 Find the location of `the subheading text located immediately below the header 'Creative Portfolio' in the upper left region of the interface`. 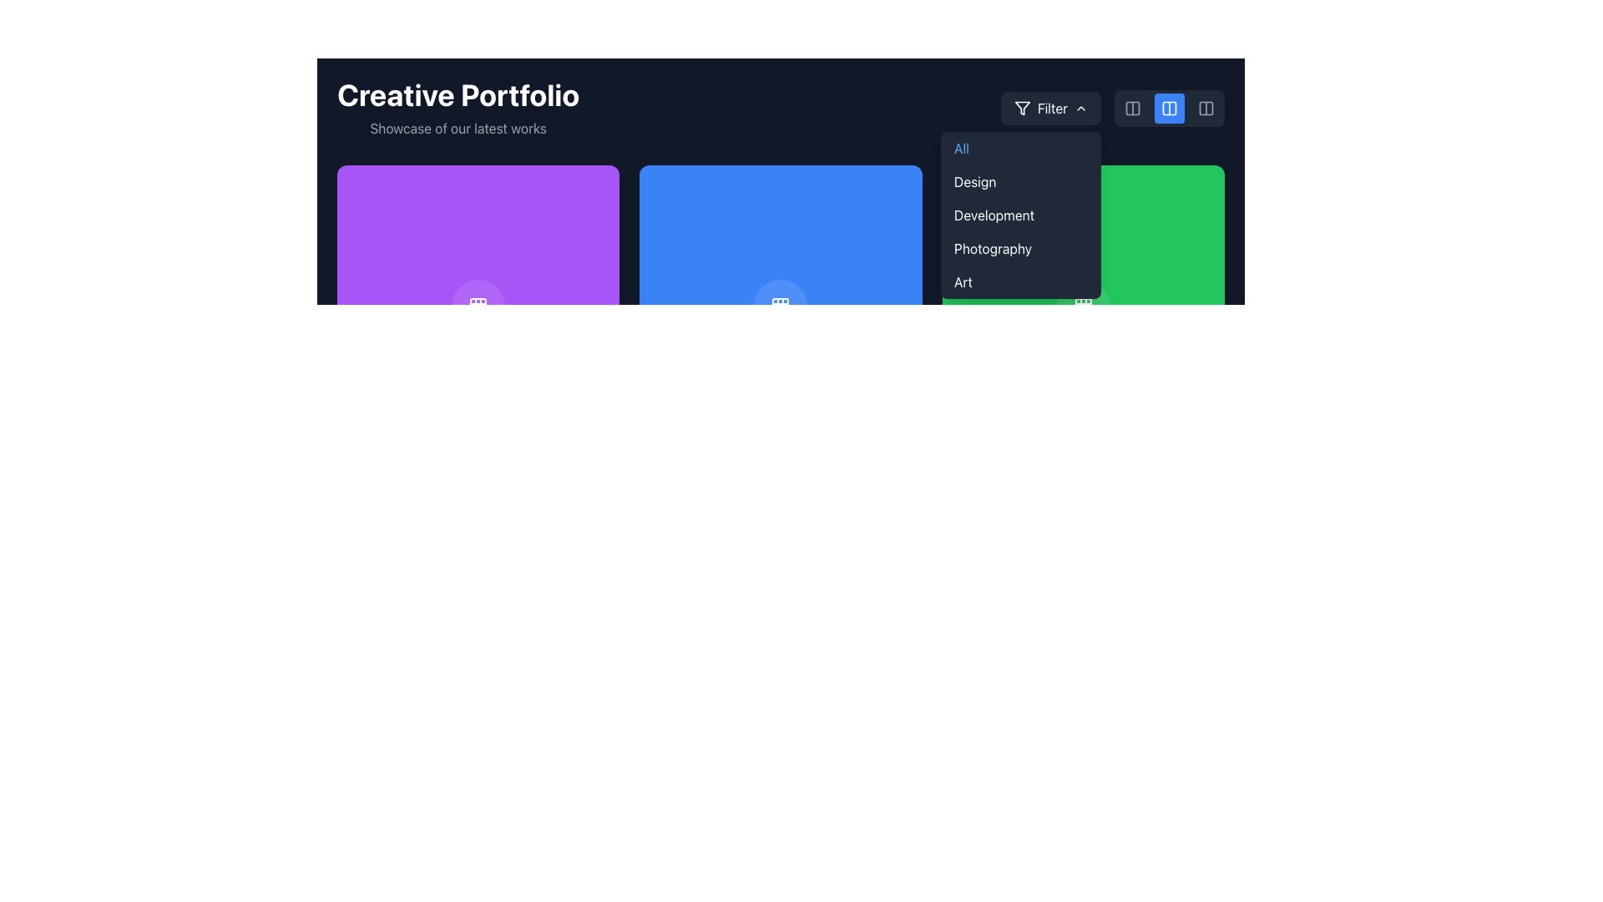

the subheading text located immediately below the header 'Creative Portfolio' in the upper left region of the interface is located at coordinates (458, 128).